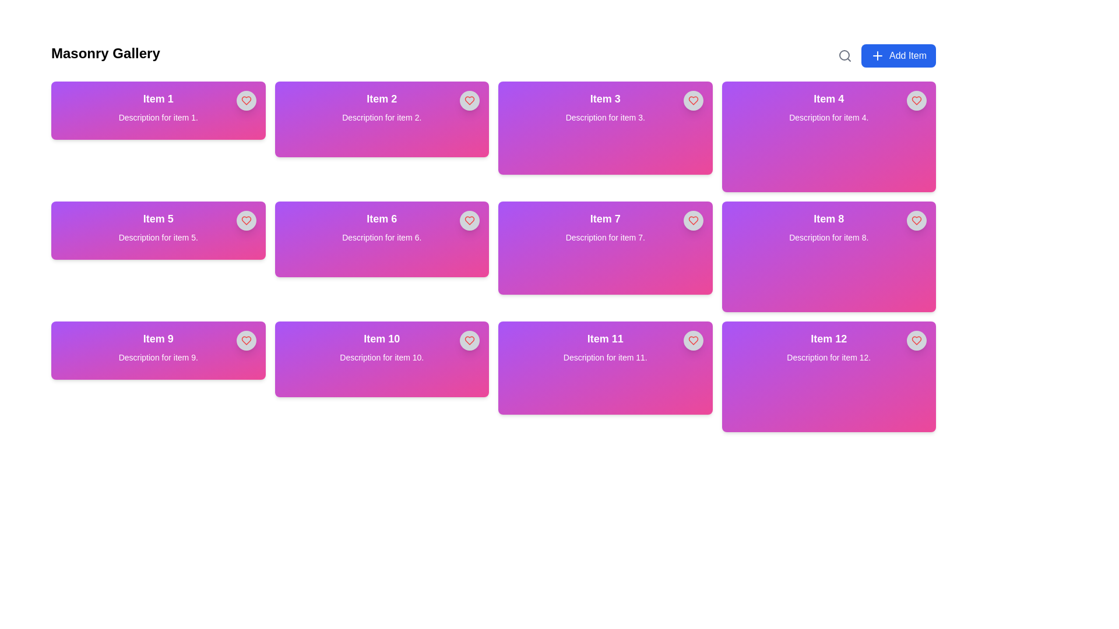  I want to click on the text label displaying 'Description for item 3.' located in the third card below the heading 'Item 3', so click(605, 117).